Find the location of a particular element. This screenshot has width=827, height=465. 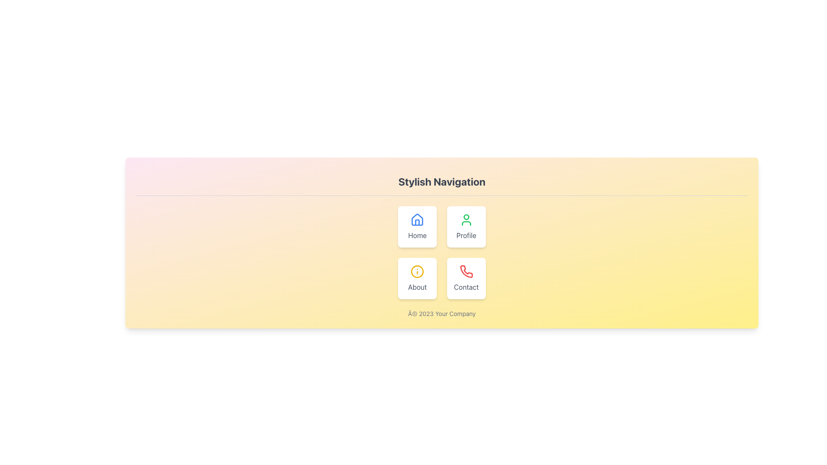

the lower portion of the decorative vector graphic element within the Profile navigation icon located in the Stylish Navigation section is located at coordinates (466, 223).